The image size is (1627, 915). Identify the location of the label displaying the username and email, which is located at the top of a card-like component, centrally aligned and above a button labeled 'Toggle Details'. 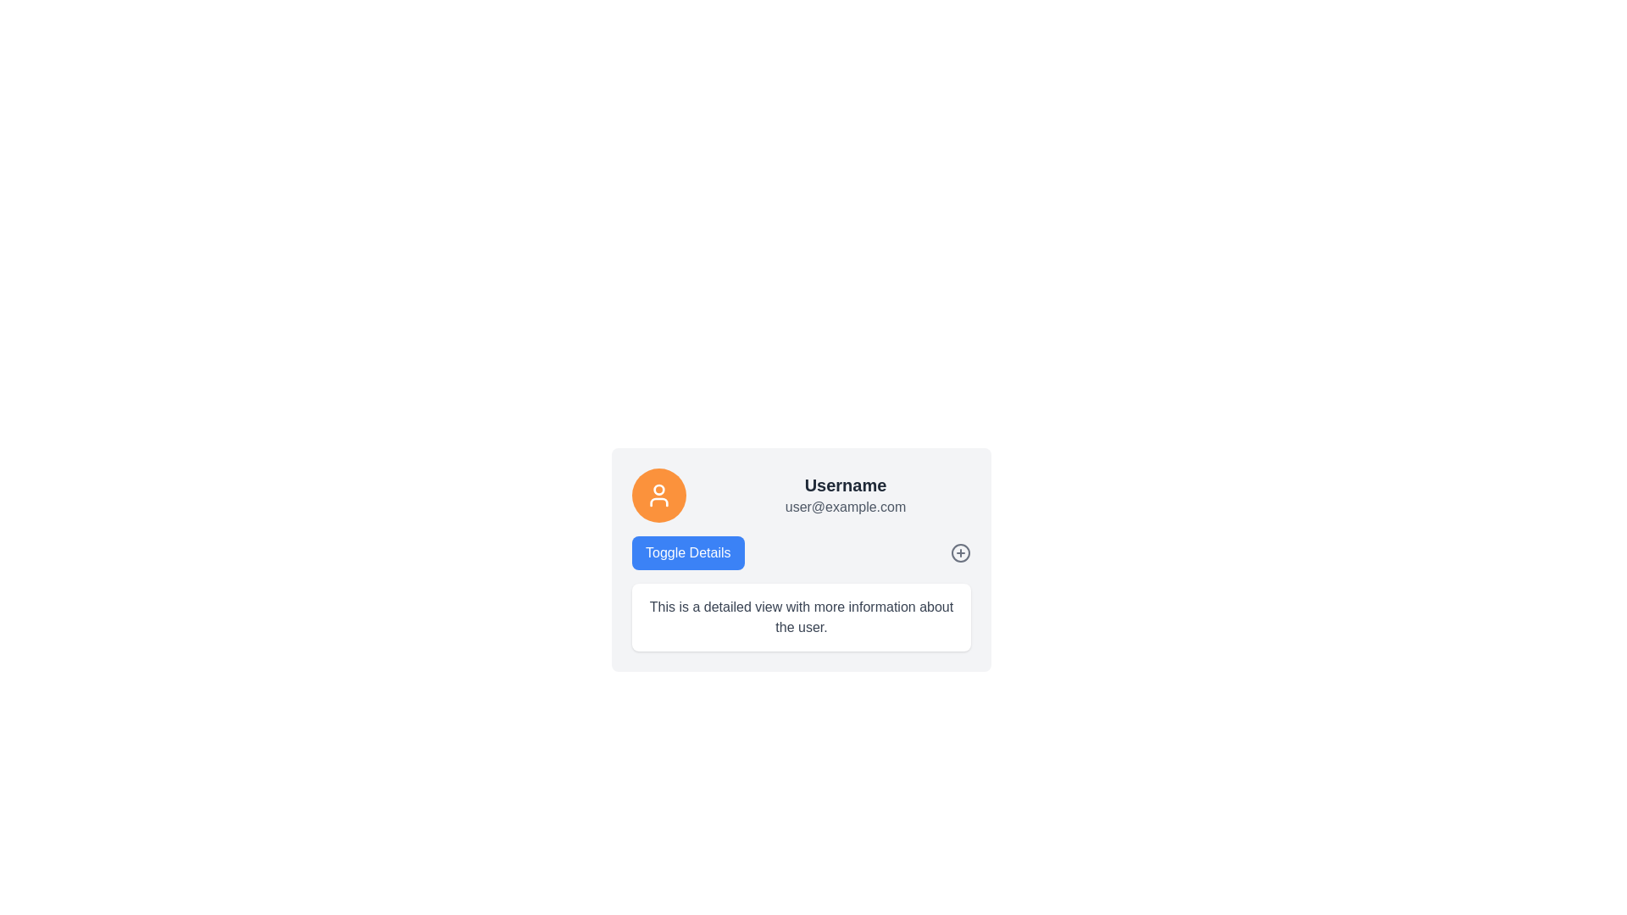
(800, 496).